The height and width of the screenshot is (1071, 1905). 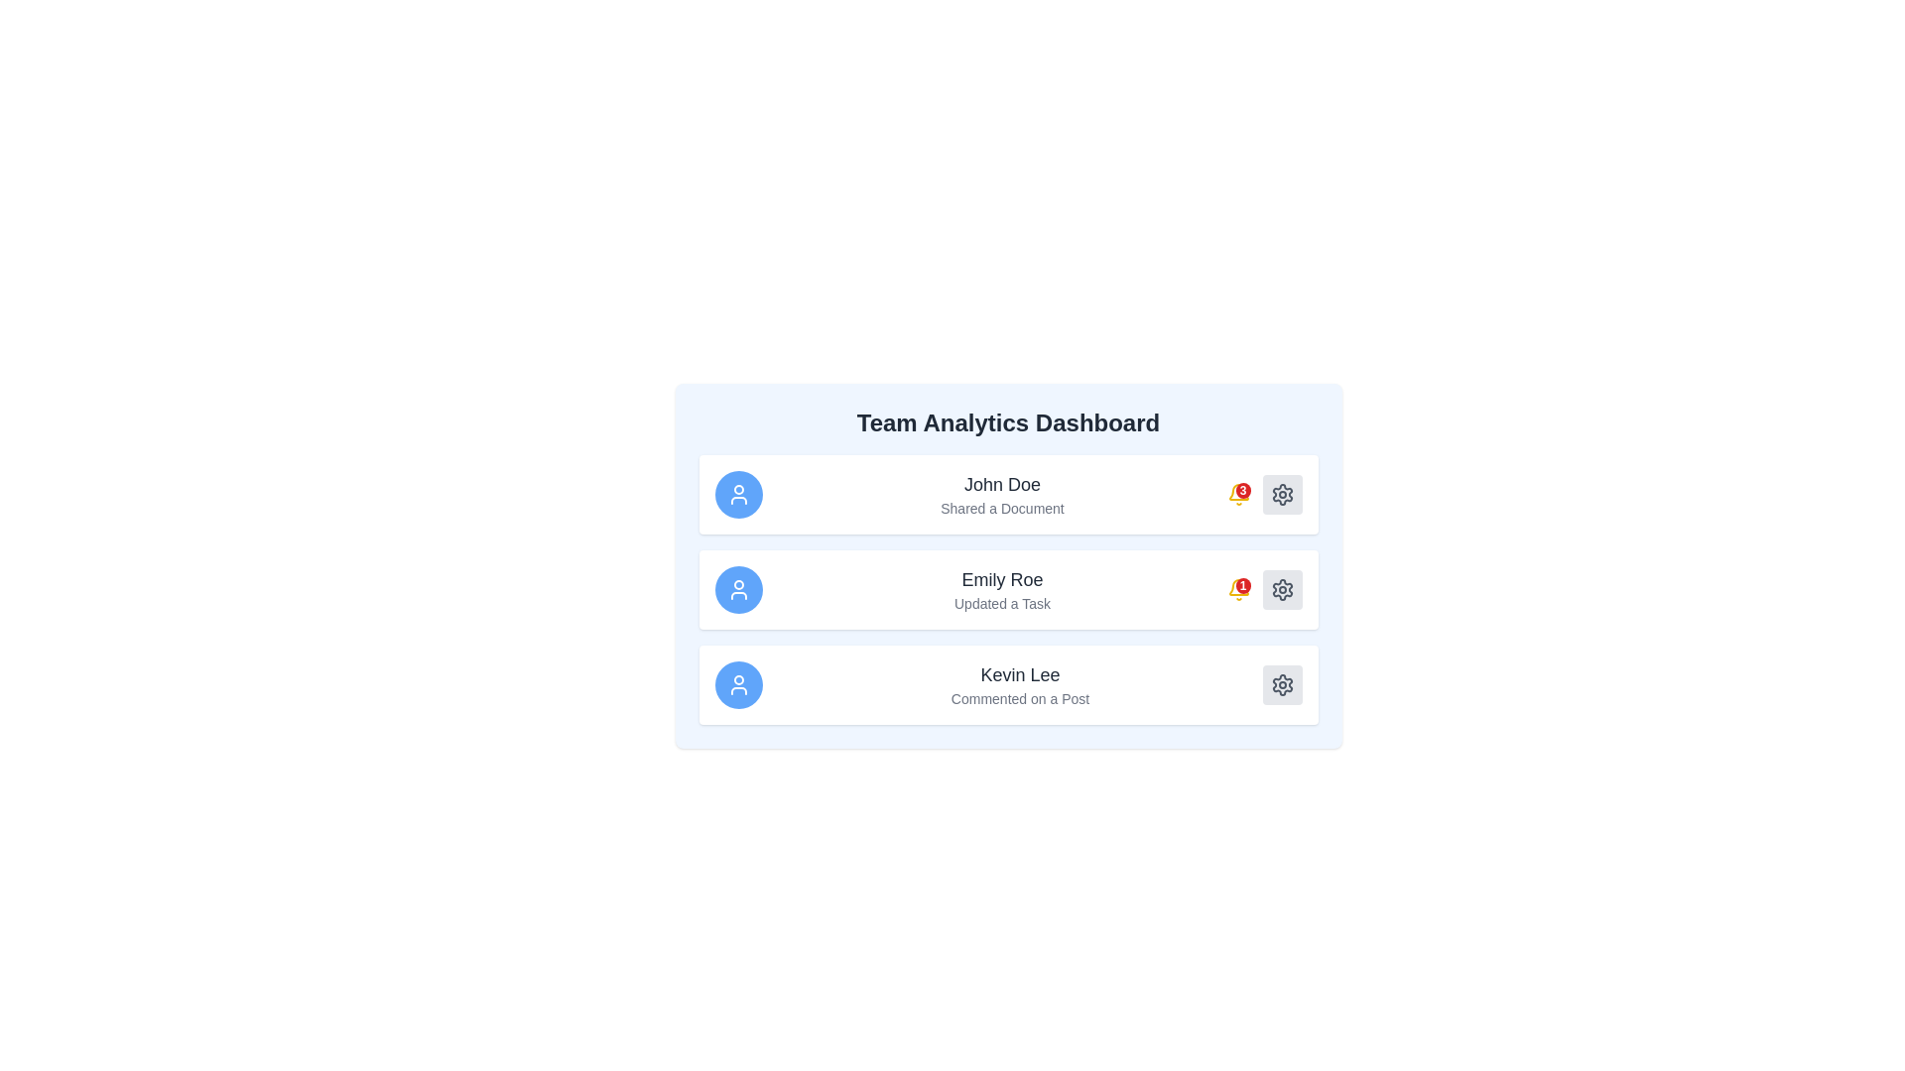 I want to click on the circular user icon with a blue background and white outline, located in the leftmost position within the third user information row of the 'Team Analytics Dashboard', so click(x=737, y=683).